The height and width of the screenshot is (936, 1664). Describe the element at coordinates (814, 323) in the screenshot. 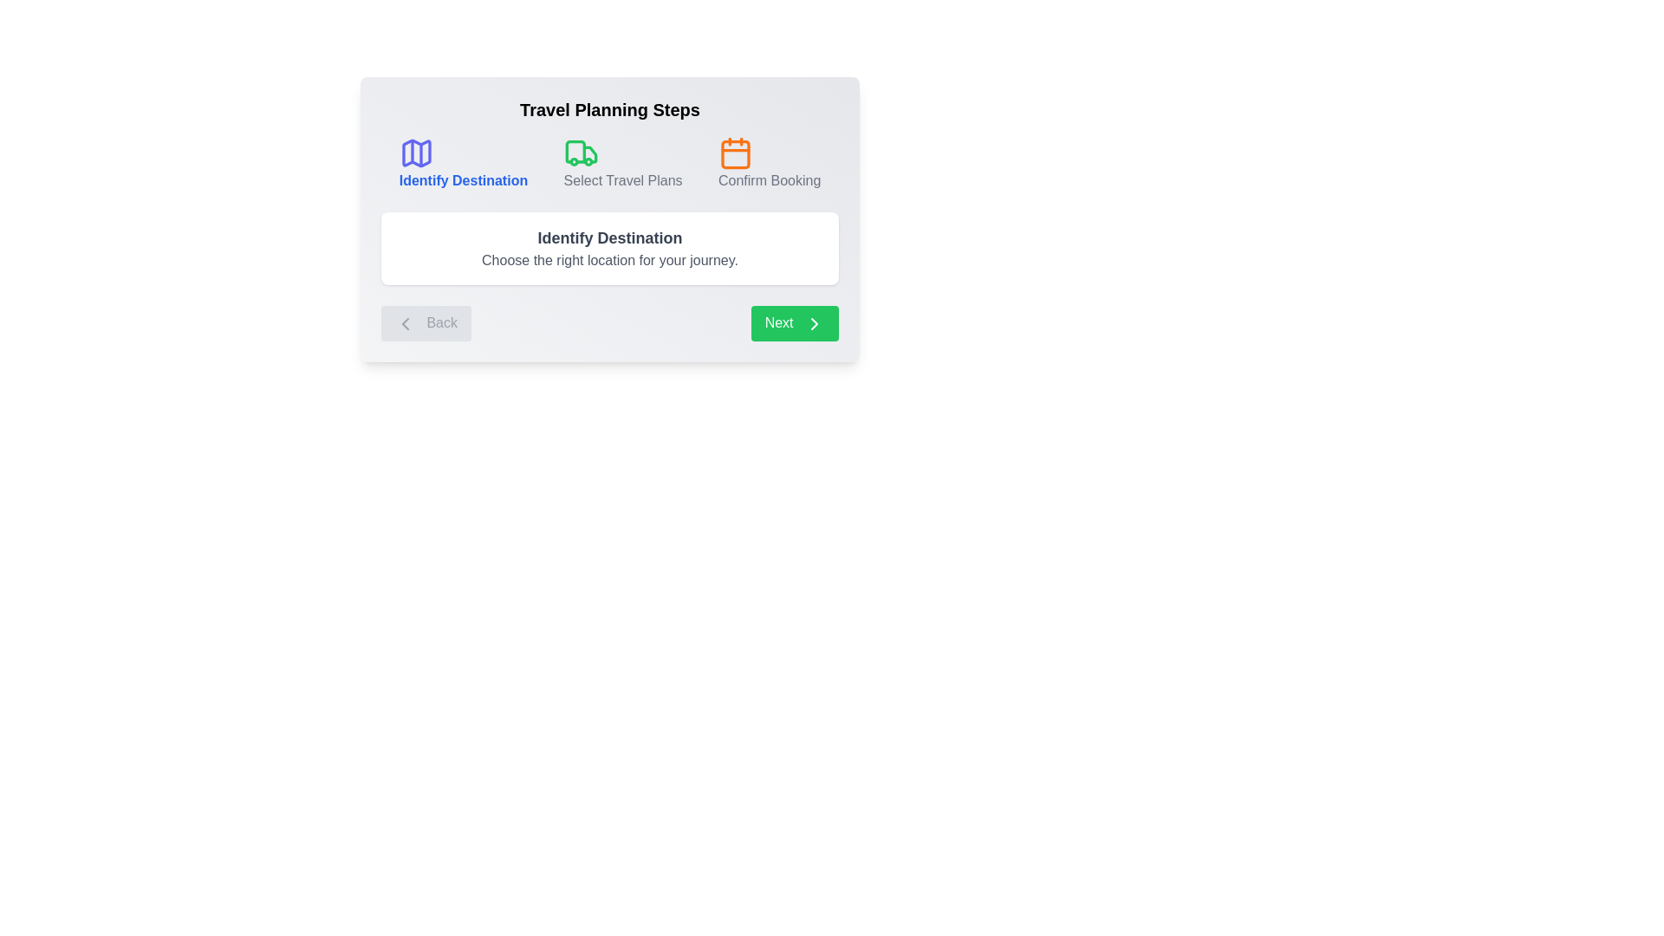

I see `the green 'Next' button, which contains the arrow-like icon indicating forward direction, to proceed to the next step` at that location.